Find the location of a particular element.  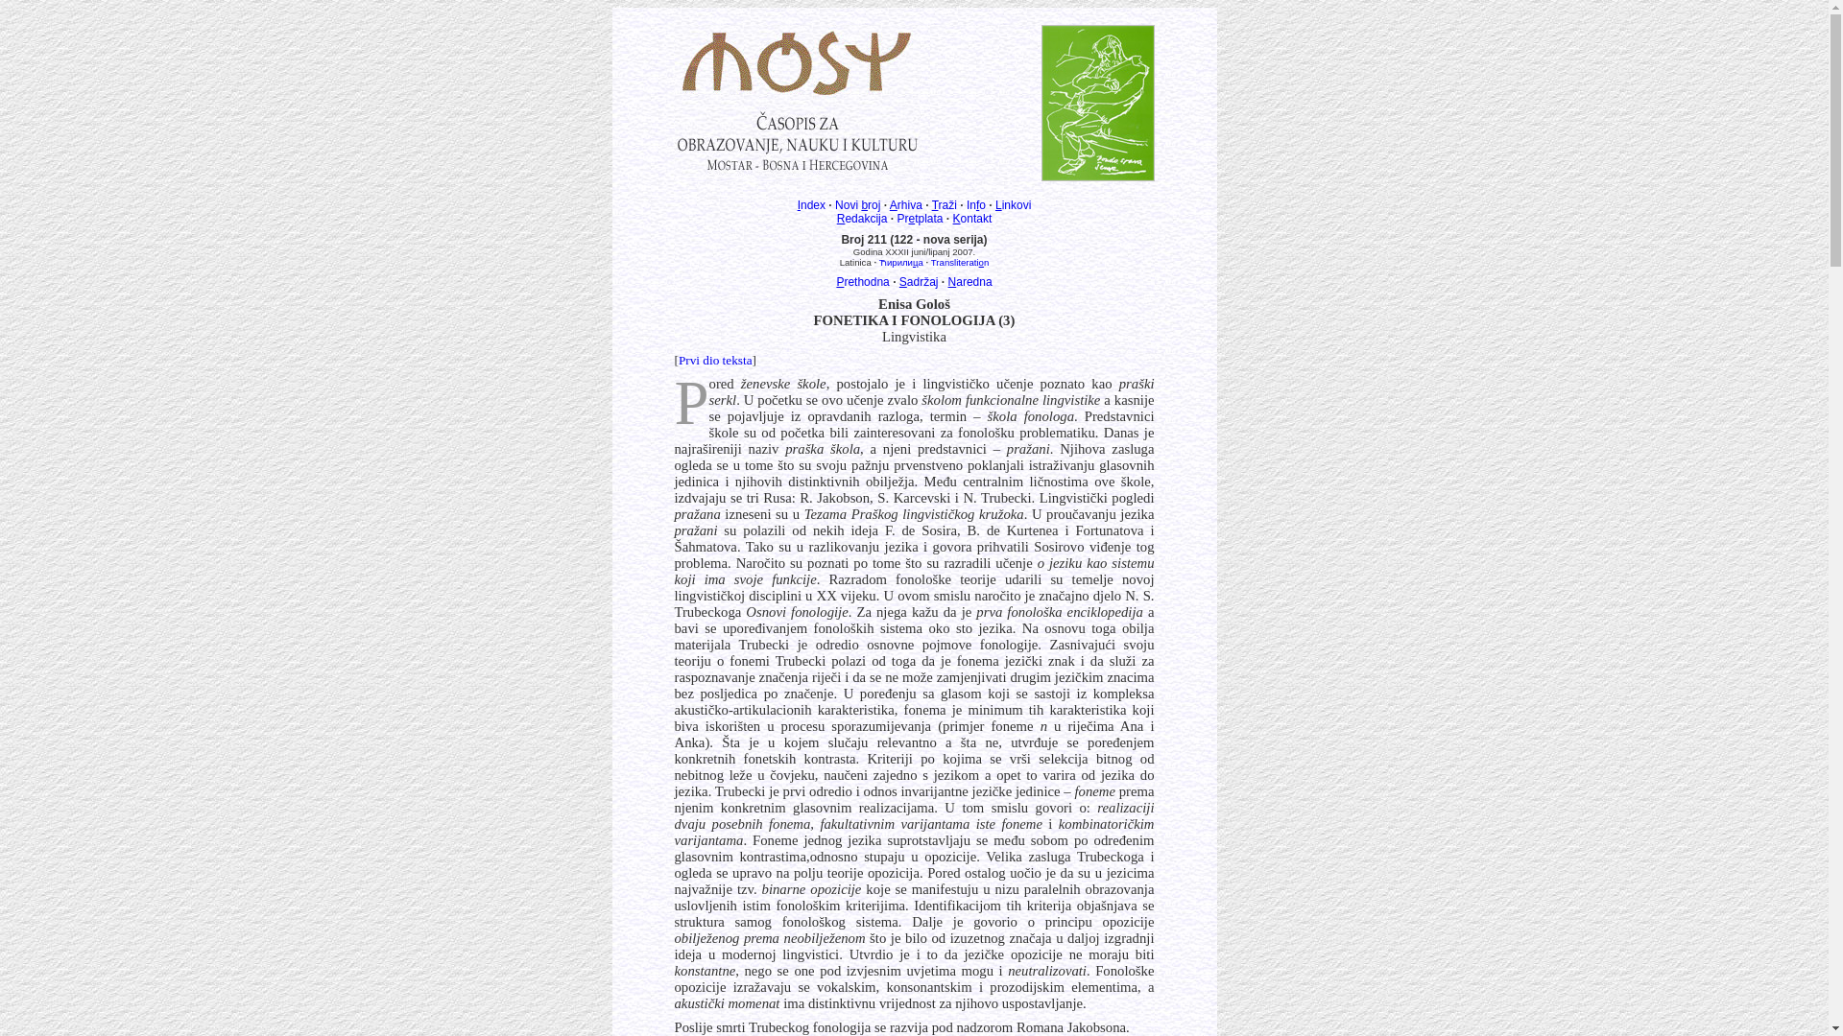

'Pretplata' is located at coordinates (919, 217).